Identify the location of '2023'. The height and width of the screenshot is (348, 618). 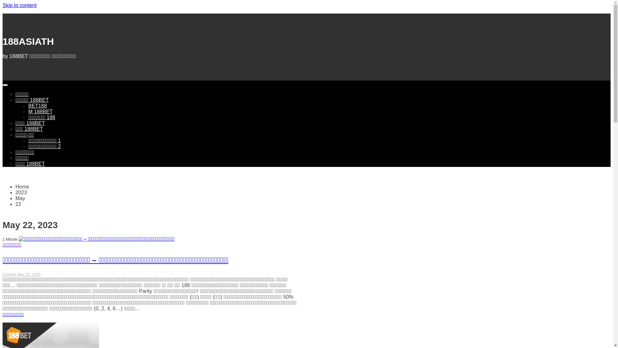
(21, 192).